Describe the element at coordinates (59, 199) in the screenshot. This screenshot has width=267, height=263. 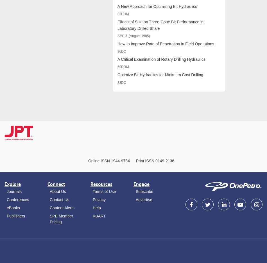
I see `'Contact Us'` at that location.